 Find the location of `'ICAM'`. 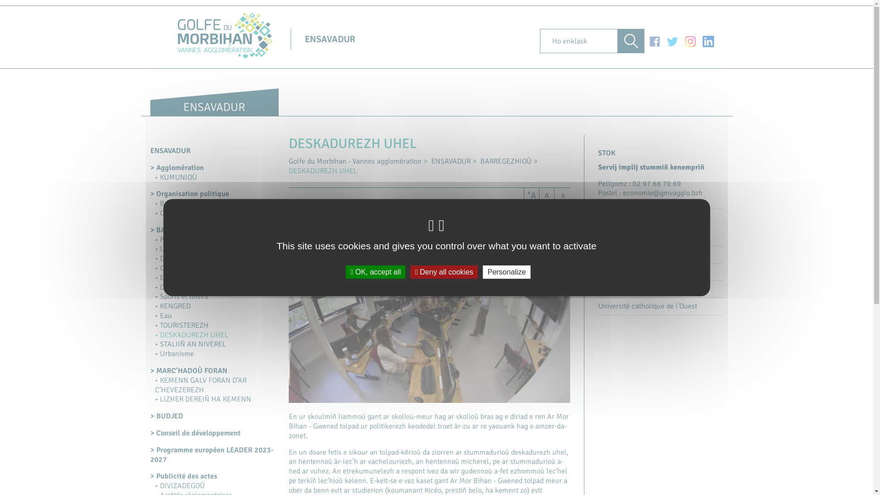

'ICAM' is located at coordinates (660, 256).